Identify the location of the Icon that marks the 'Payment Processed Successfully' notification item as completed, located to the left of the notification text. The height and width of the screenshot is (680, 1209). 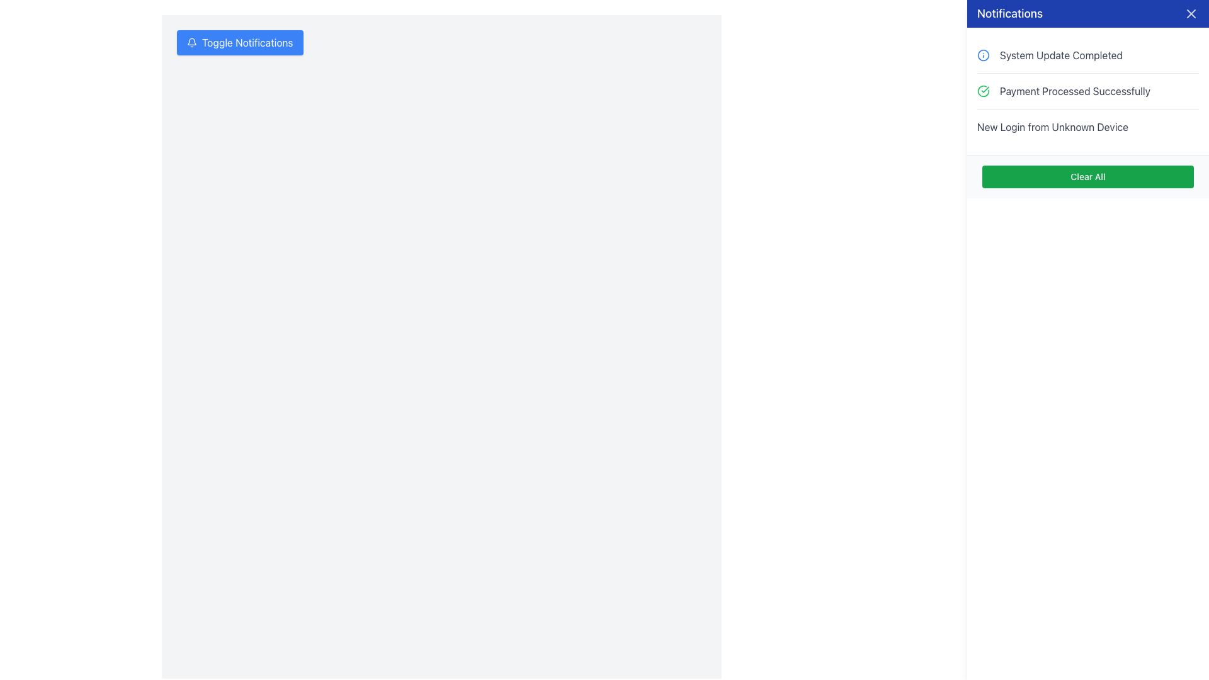
(982, 91).